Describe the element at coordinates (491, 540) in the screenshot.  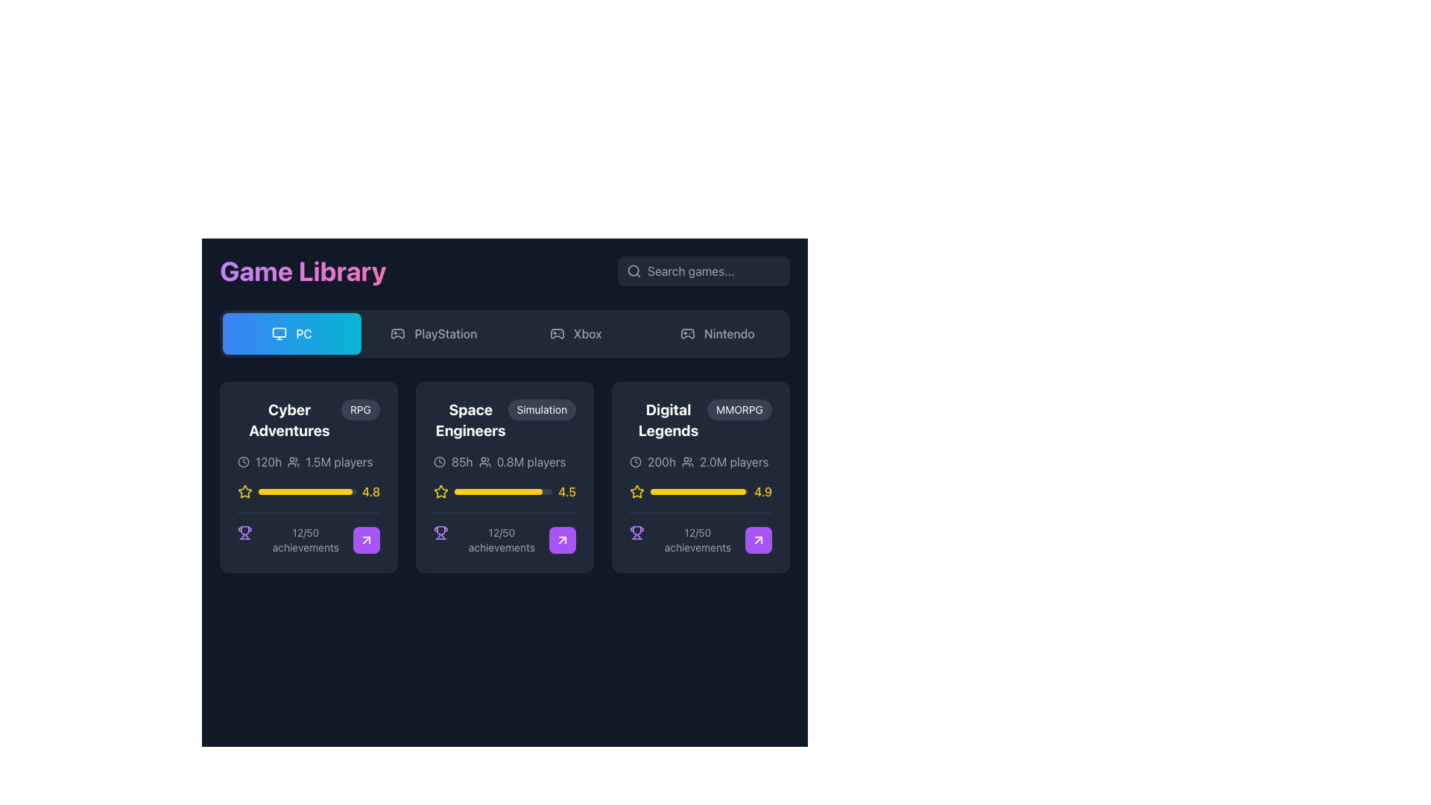
I see `the Progress Indicator displaying '12/50 achievements' with a trophy icon, located in the 'Space Engineers' card in the Game Library` at that location.